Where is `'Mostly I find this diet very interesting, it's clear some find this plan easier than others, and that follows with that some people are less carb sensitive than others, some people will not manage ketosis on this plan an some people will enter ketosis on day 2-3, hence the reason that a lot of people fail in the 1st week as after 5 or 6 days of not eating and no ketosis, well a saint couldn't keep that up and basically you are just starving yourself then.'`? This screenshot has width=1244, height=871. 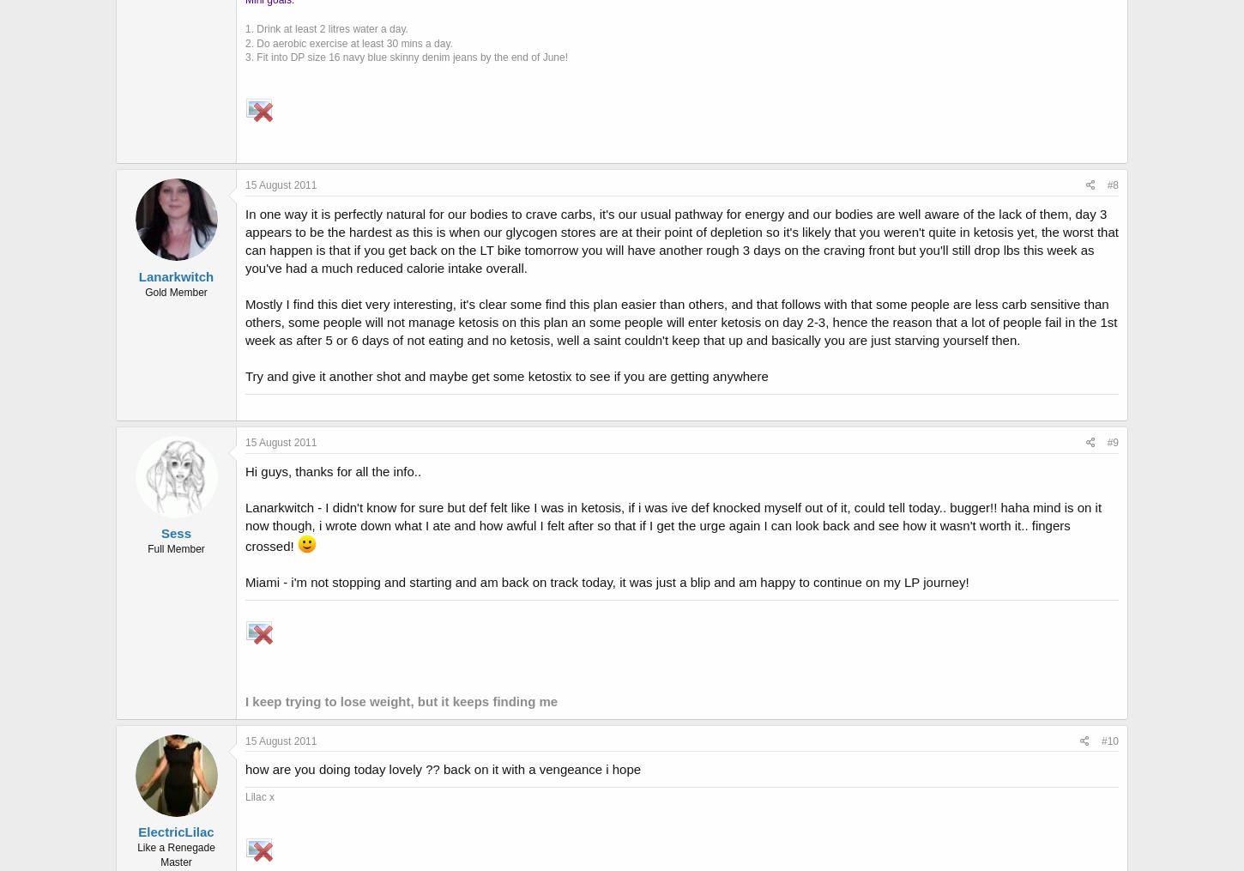
'Mostly I find this diet very interesting, it's clear some find this plan easier than others, and that follows with that some people are less carb sensitive than others, some people will not manage ketosis on this plan an some people will enter ketosis on day 2-3, hence the reason that a lot of people fail in the 1st week as after 5 or 6 days of not eating and no ketosis, well a saint couldn't keep that up and basically you are just starving yourself then.' is located at coordinates (681, 322).